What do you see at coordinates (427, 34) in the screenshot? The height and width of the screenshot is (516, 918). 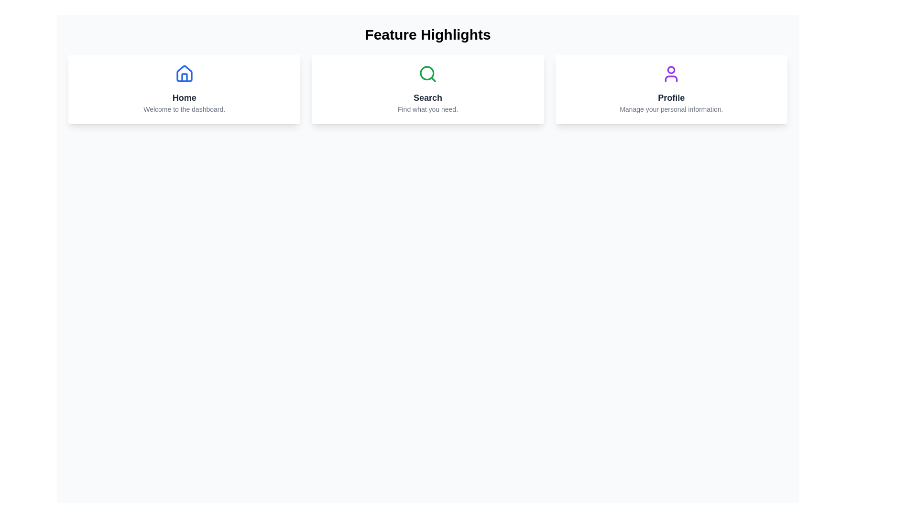 I see `the Header text element titled 'Feature Highlights', which is a large, bold, center-aligned text prominently displayed at the top of the interface` at bounding box center [427, 34].